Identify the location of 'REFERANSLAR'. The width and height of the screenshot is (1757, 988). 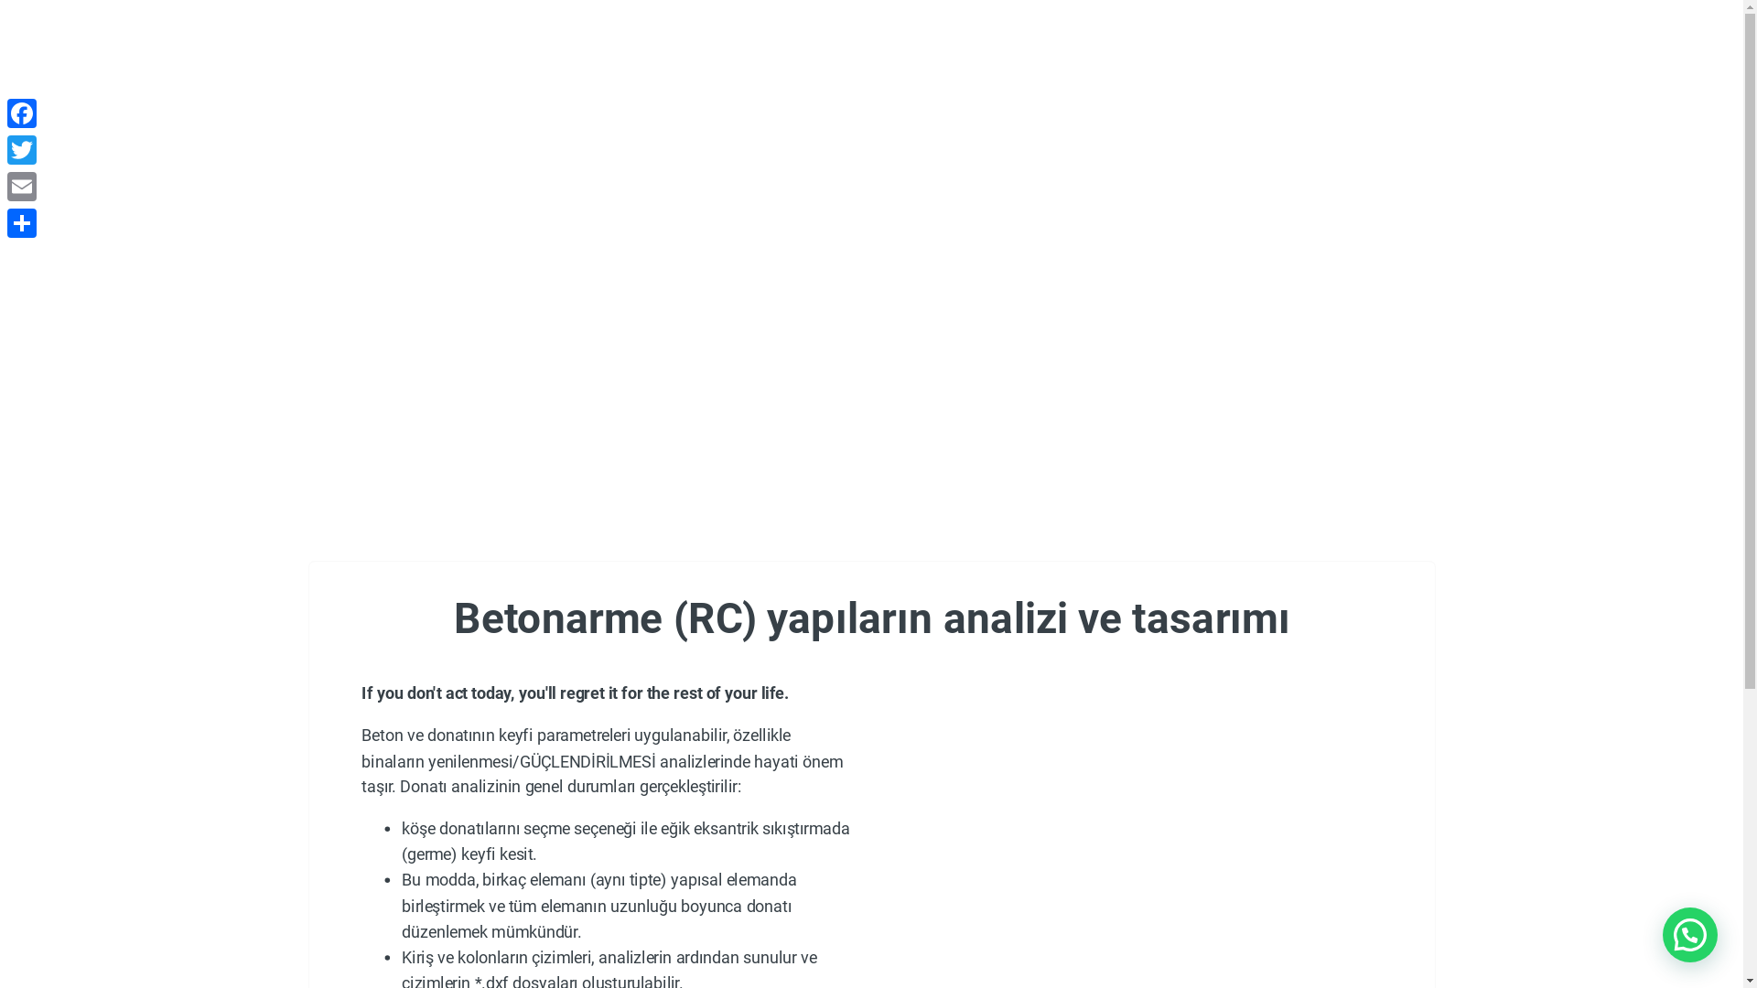
(992, 75).